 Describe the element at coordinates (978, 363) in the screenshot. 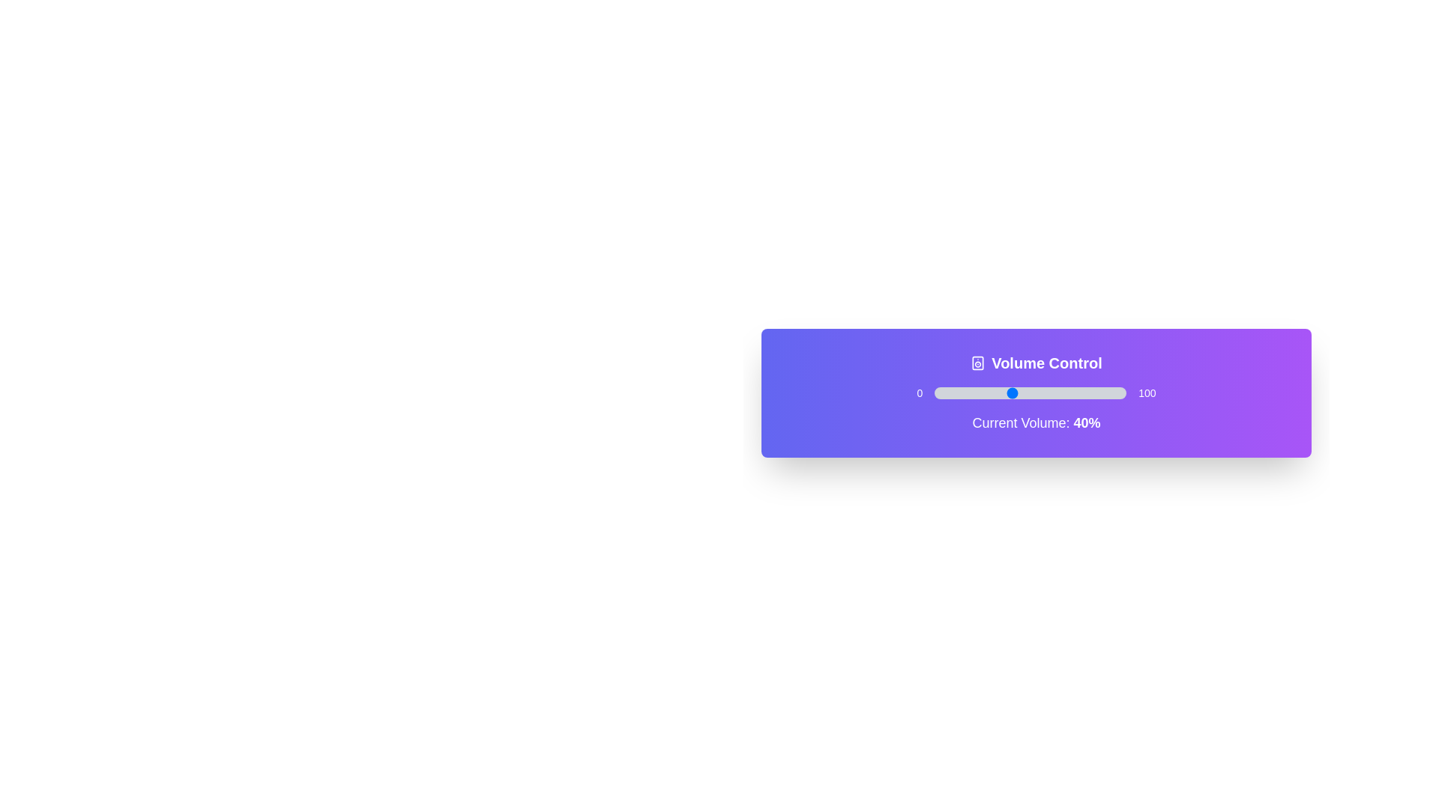

I see `the speaker icon to toggle its state` at that location.